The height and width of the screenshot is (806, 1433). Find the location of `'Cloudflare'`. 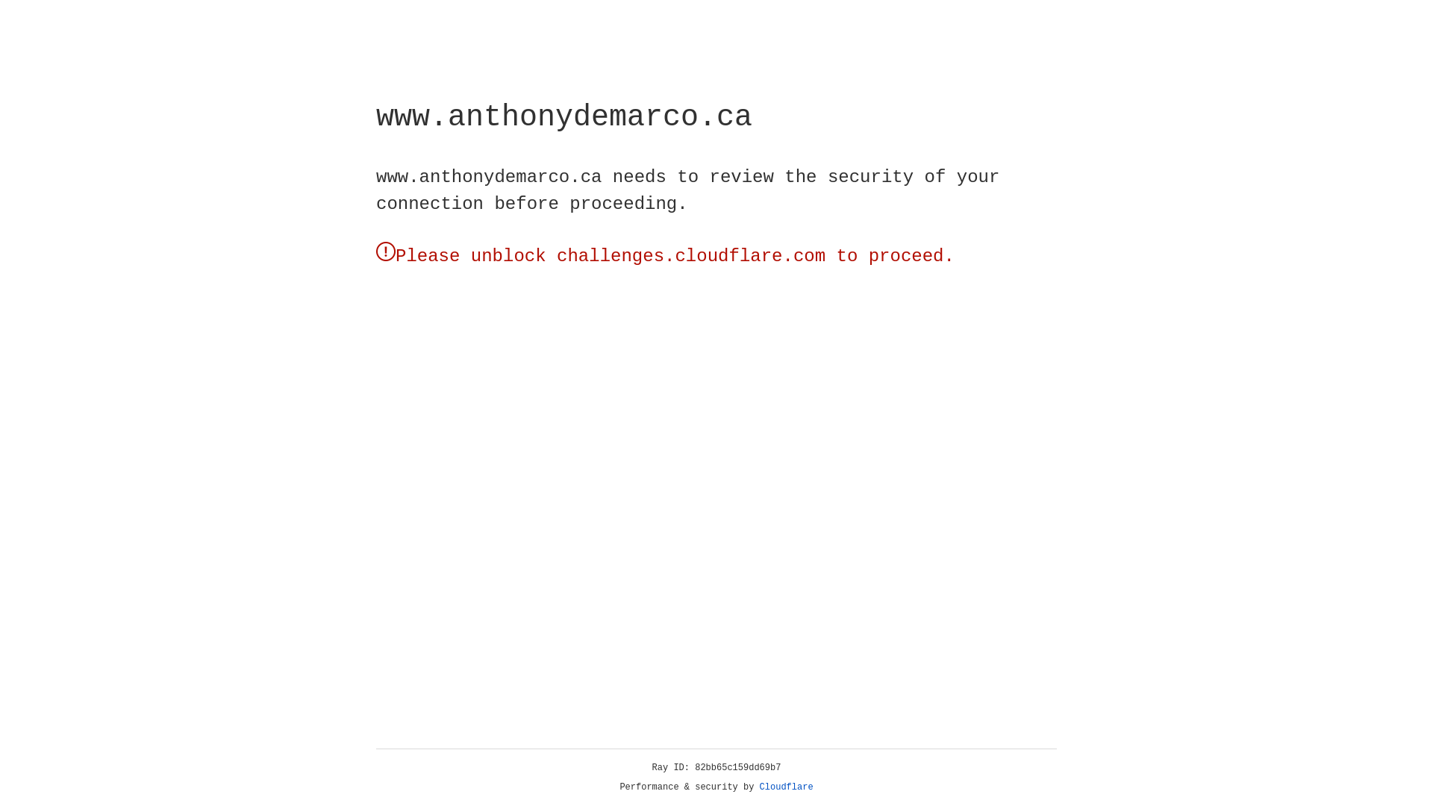

'Cloudflare' is located at coordinates (786, 787).